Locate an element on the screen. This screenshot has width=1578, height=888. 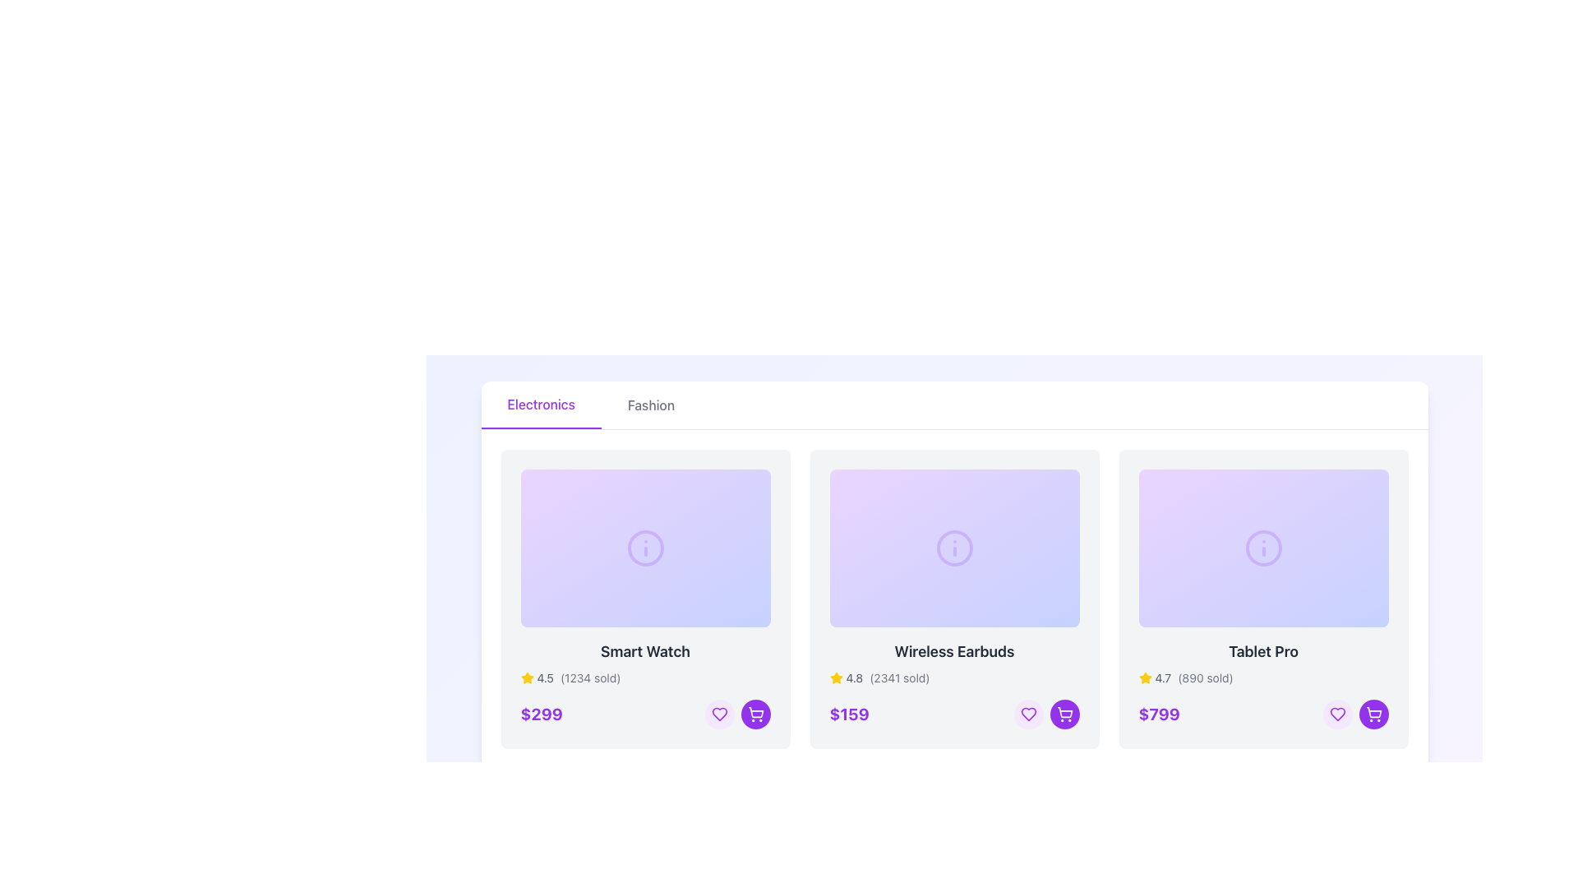
the Icon button used to save the product as a favorite for the 'Wireless Earbuds' product is located at coordinates (719, 713).